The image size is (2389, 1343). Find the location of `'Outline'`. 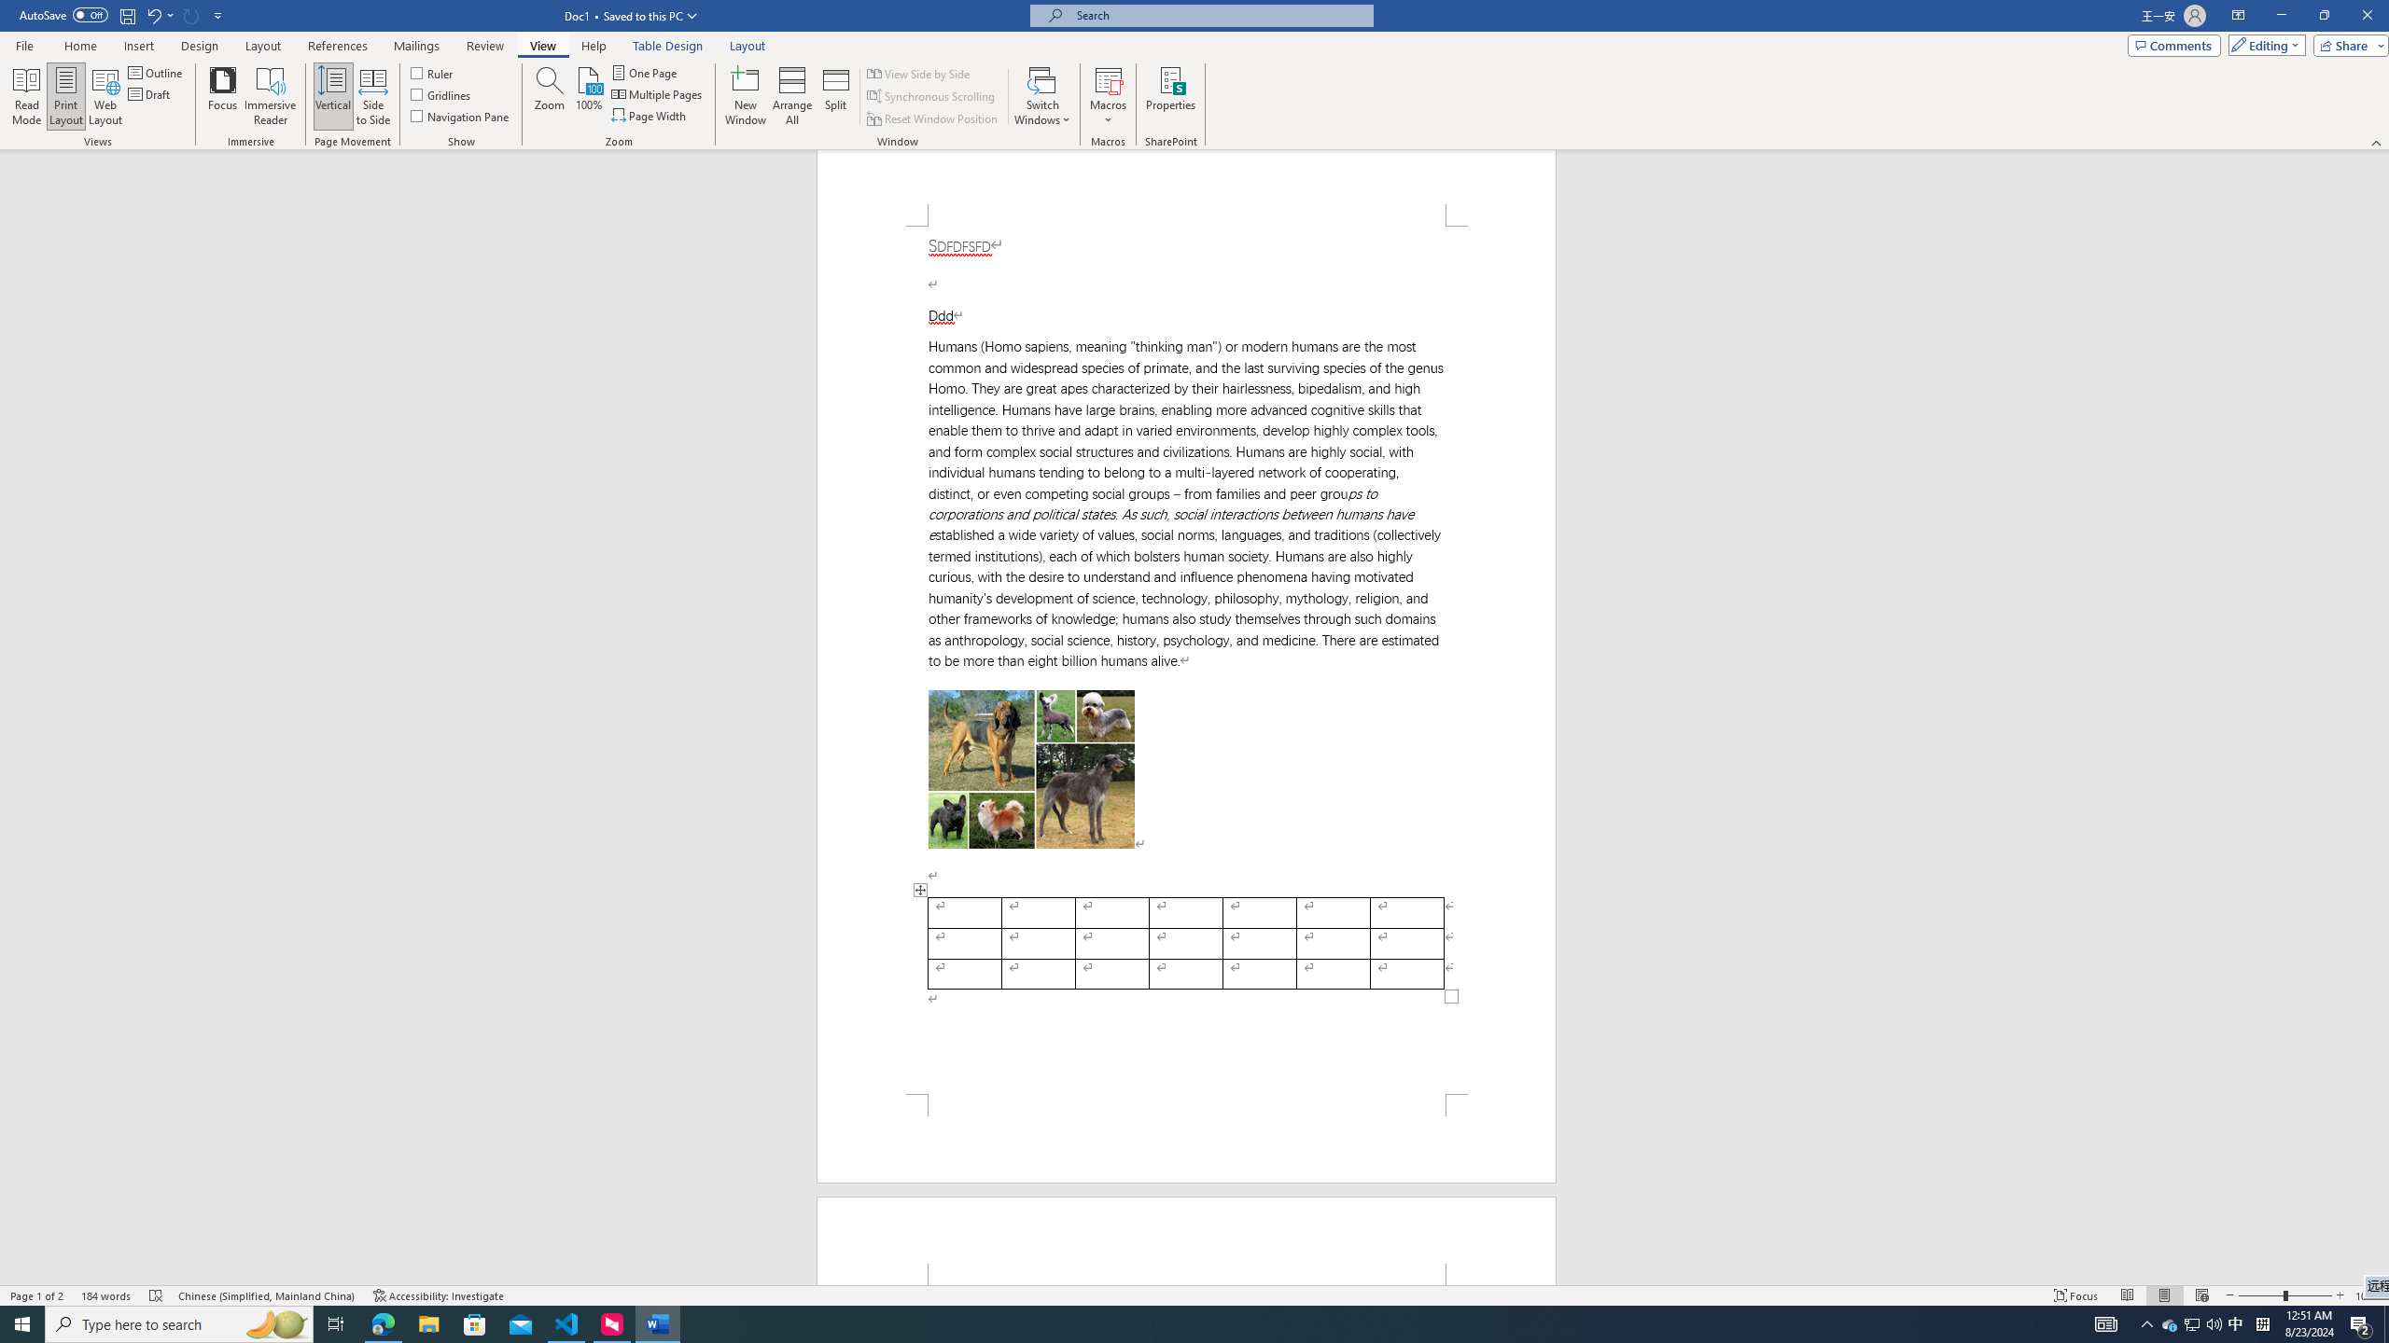

'Outline' is located at coordinates (156, 72).